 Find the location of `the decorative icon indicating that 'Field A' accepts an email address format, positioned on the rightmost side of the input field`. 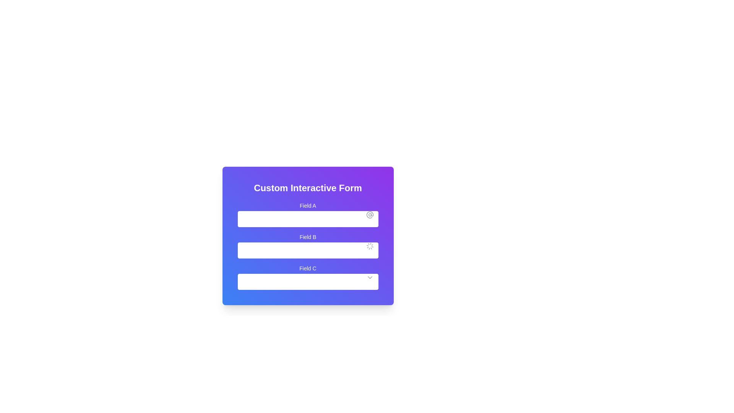

the decorative icon indicating that 'Field A' accepts an email address format, positioned on the rightmost side of the input field is located at coordinates (370, 215).